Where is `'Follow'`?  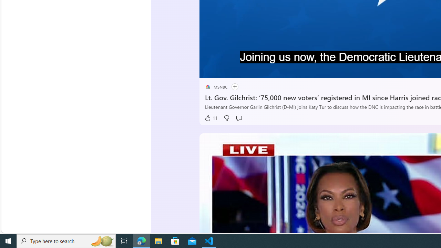 'Follow' is located at coordinates (231, 86).